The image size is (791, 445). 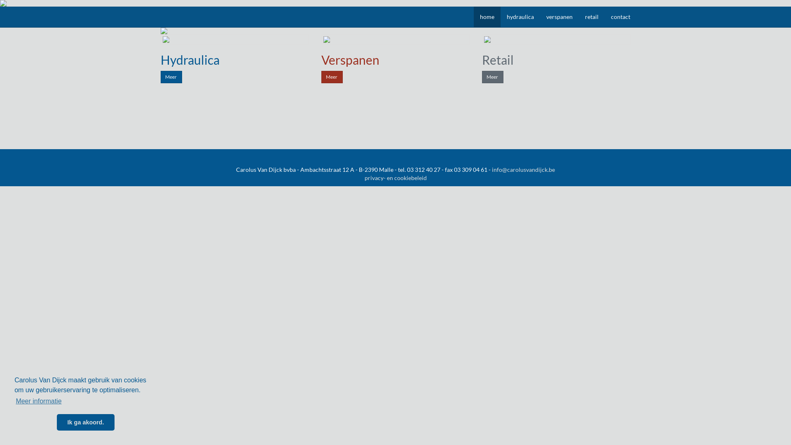 I want to click on 'Ik ga akoord.', so click(x=85, y=422).